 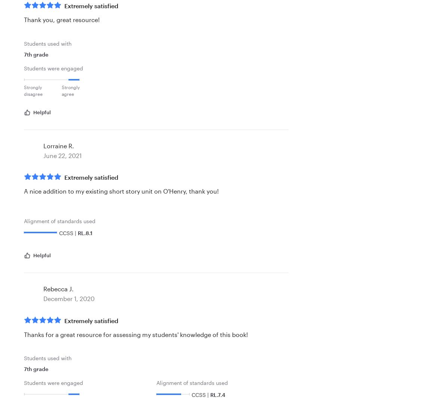 What do you see at coordinates (58, 288) in the screenshot?
I see `'Rebecca J.'` at bounding box center [58, 288].